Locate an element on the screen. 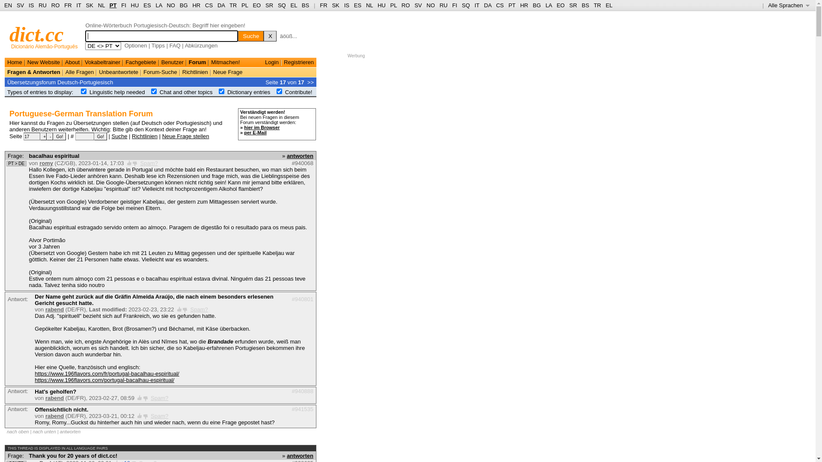  'Alle Fragen' is located at coordinates (80, 71).